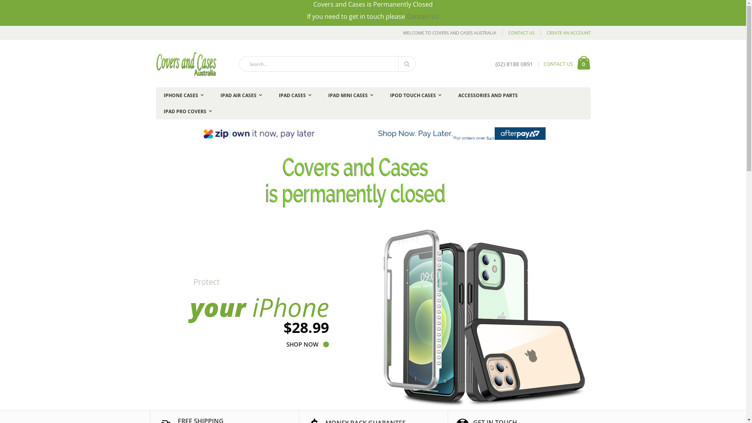  Describe the element at coordinates (415, 95) in the screenshot. I see `'IPOD TOUCH CASES'` at that location.